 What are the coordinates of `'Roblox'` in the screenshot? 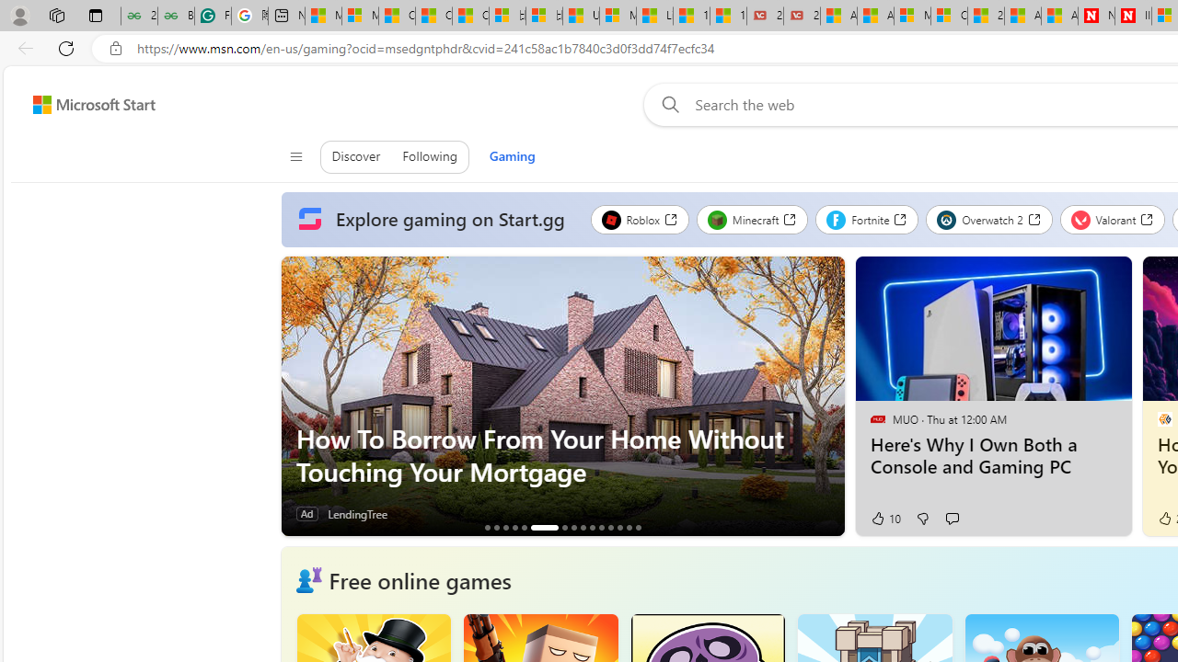 It's located at (640, 219).